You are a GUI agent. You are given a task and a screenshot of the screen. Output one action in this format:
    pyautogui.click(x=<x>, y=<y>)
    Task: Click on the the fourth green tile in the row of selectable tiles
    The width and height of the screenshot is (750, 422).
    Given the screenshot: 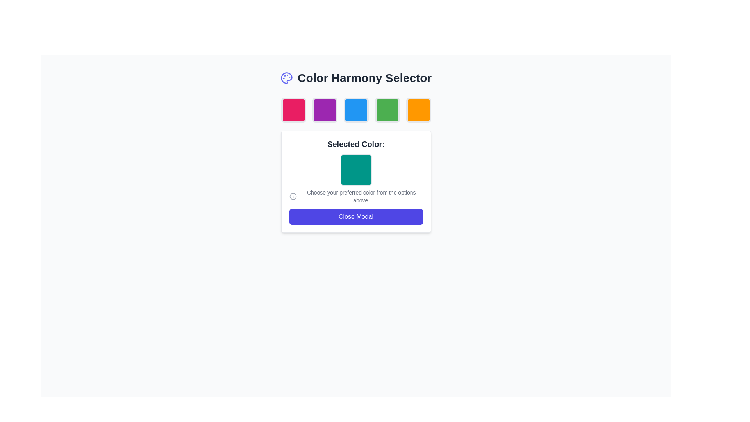 What is the action you would take?
    pyautogui.click(x=387, y=110)
    